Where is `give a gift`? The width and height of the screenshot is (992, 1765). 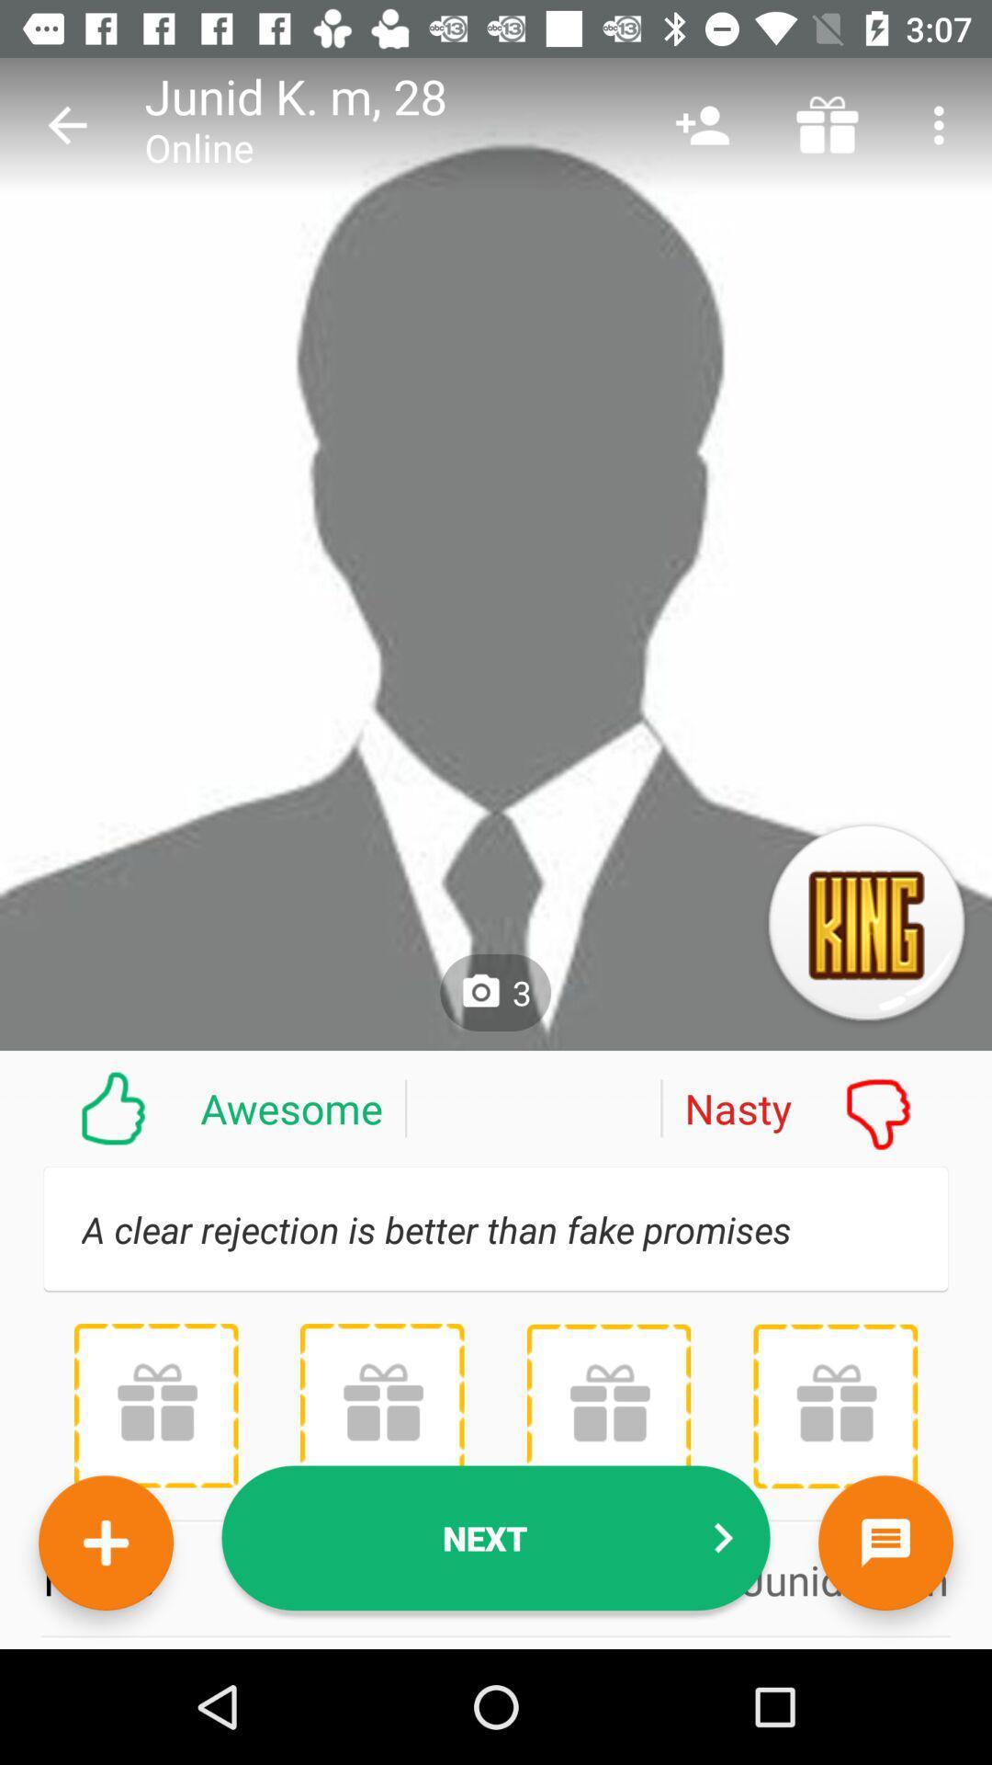
give a gift is located at coordinates (381, 1405).